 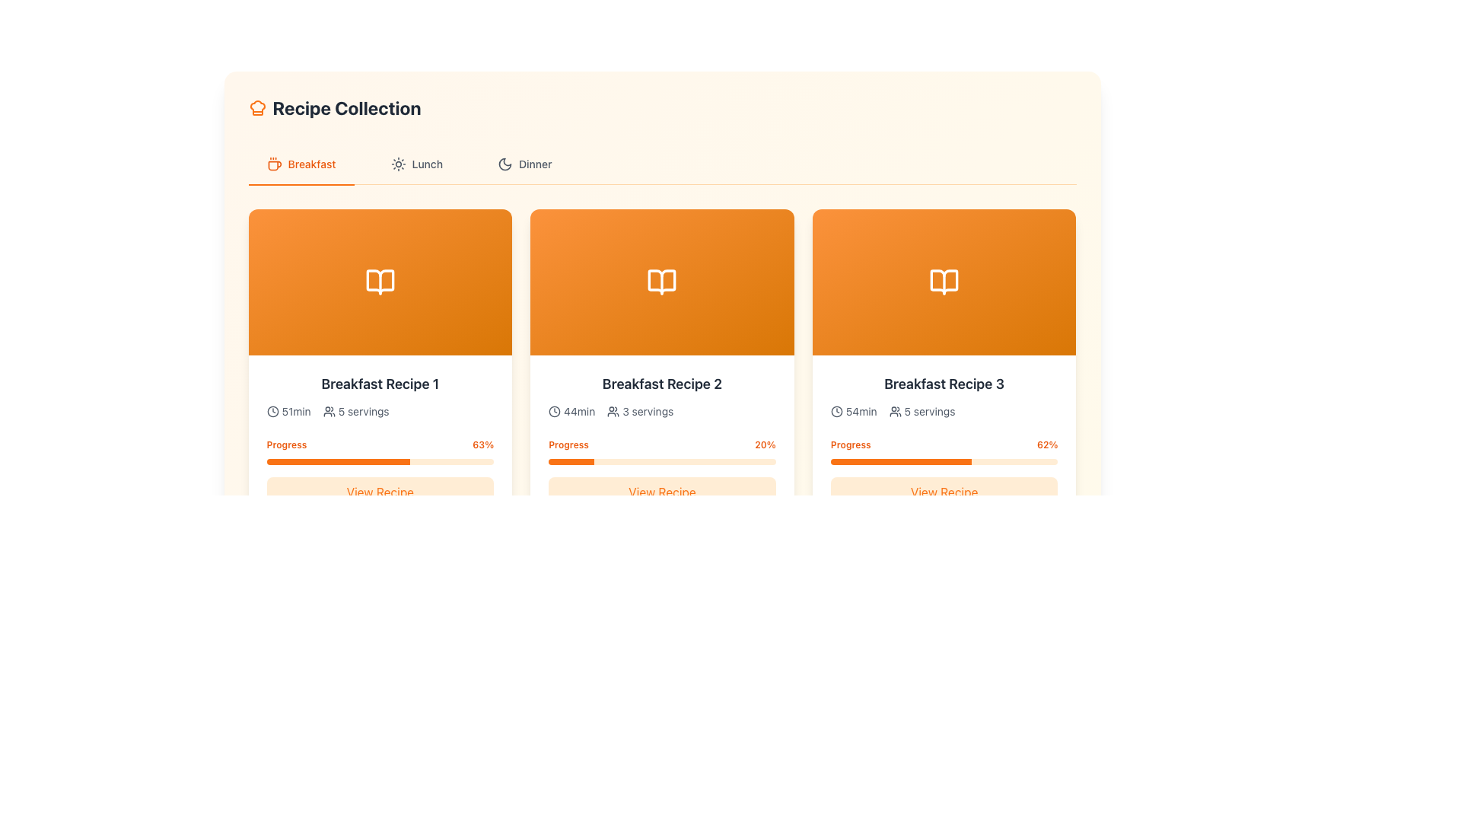 I want to click on text label located in the bottom-left section of the first recipe card, positioned above the progress bar and left-aligned with the percentage '63%.', so click(x=286, y=443).